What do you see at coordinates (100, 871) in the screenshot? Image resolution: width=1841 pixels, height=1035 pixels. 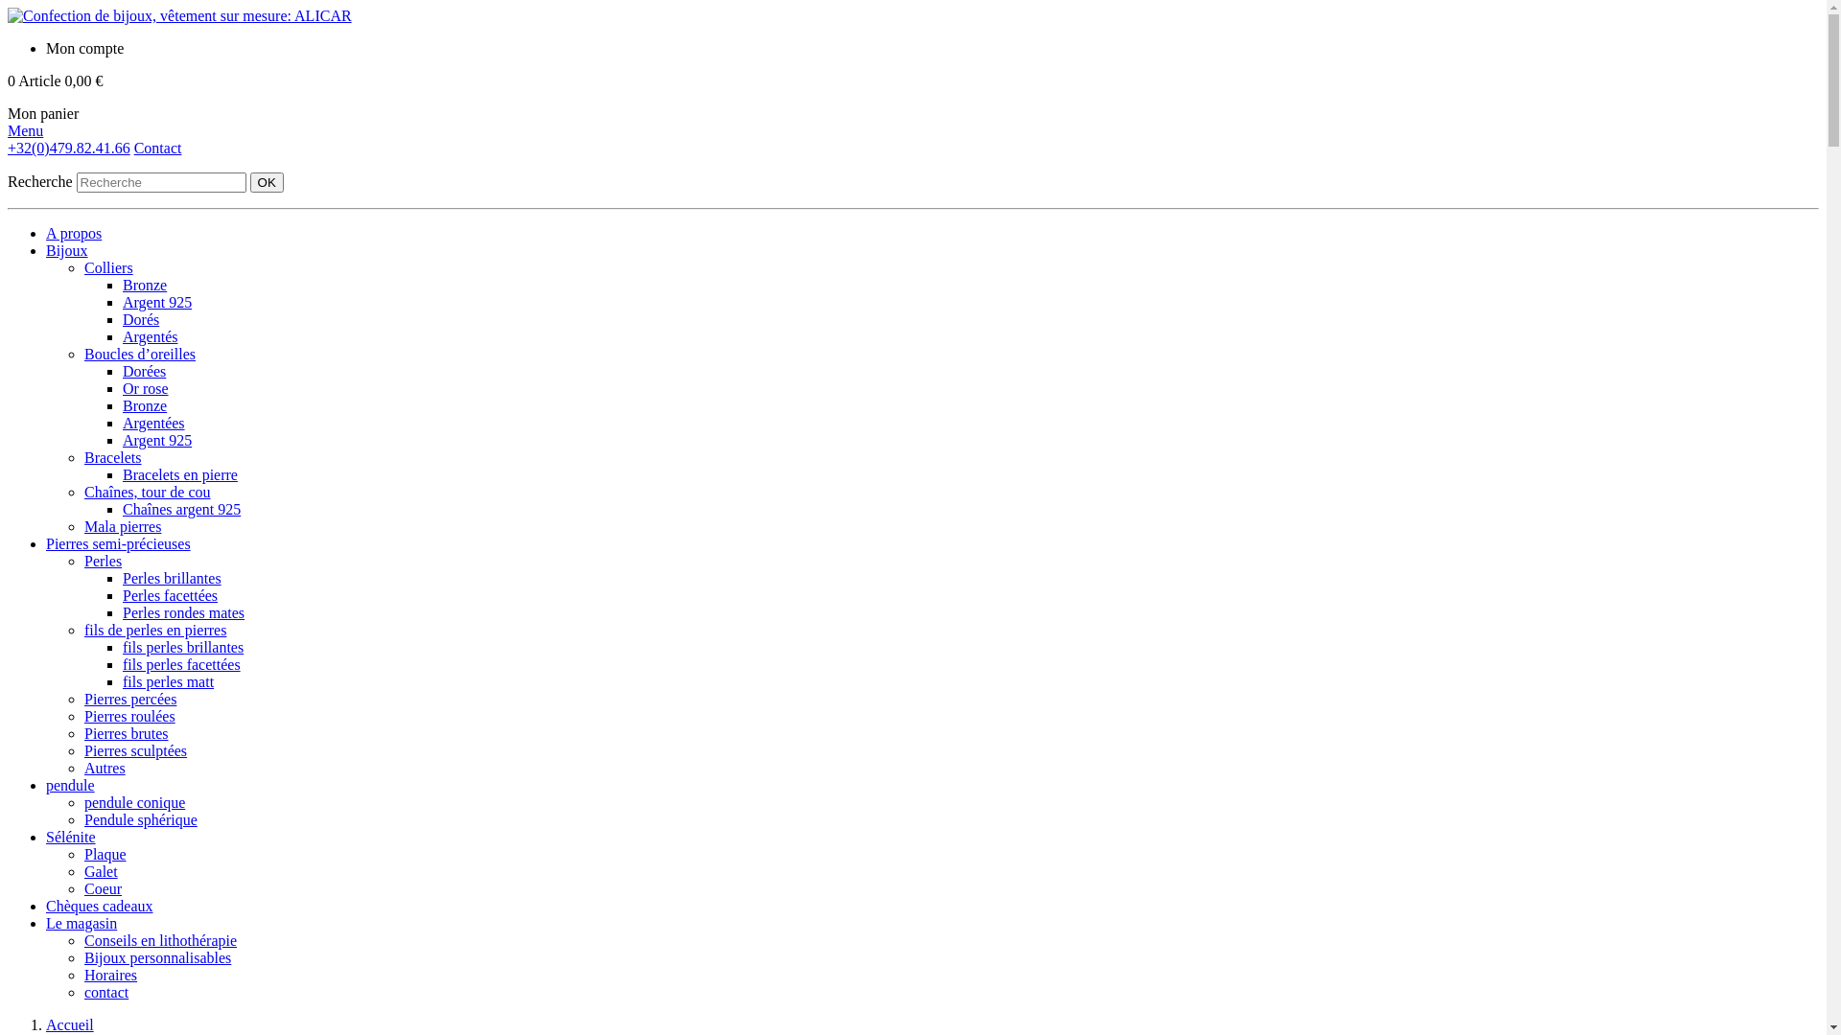 I see `'Galet'` at bounding box center [100, 871].